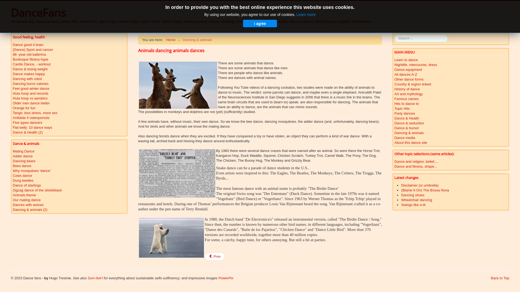  Describe the element at coordinates (416, 200) in the screenshot. I see `'Wheelchair dancing'` at that location.